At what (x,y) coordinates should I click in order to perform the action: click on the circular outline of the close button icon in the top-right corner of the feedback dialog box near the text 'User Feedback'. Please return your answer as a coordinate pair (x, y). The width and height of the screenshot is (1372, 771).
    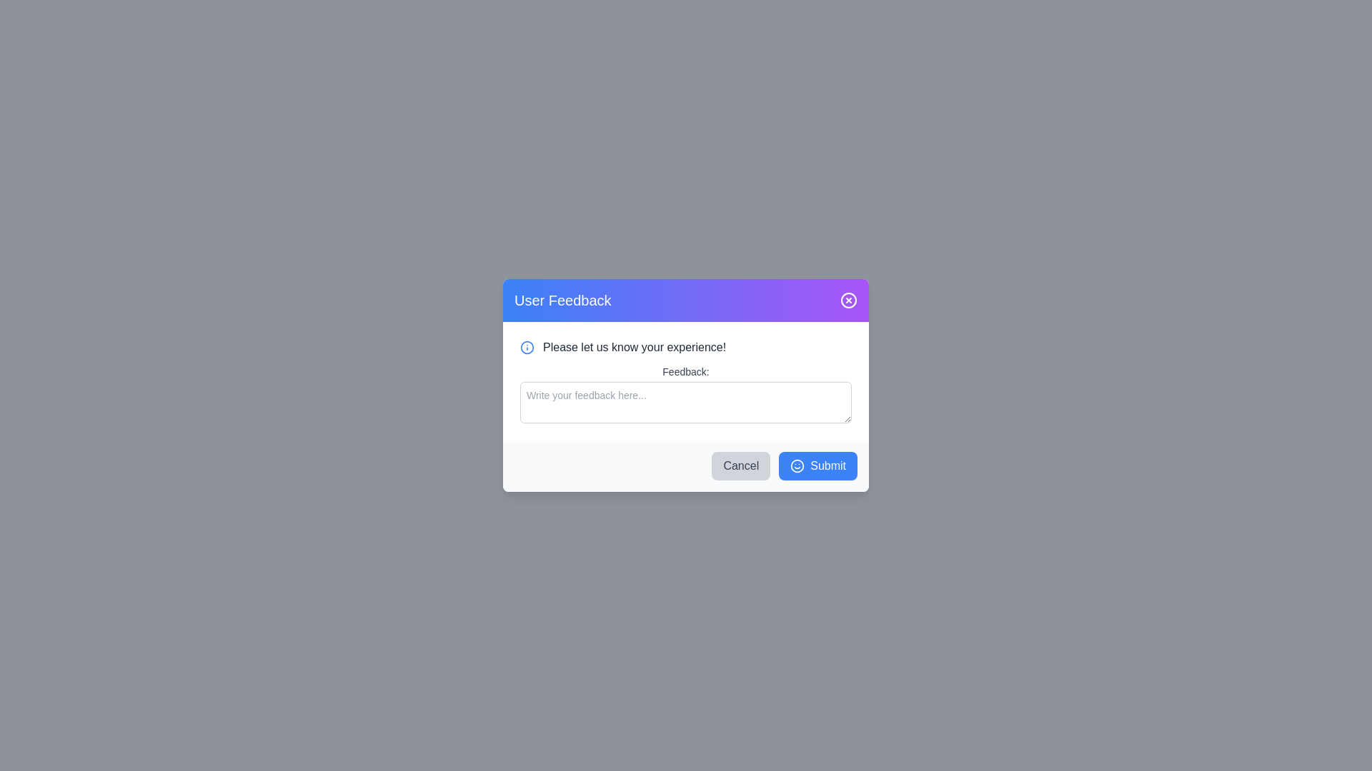
    Looking at the image, I should click on (849, 299).